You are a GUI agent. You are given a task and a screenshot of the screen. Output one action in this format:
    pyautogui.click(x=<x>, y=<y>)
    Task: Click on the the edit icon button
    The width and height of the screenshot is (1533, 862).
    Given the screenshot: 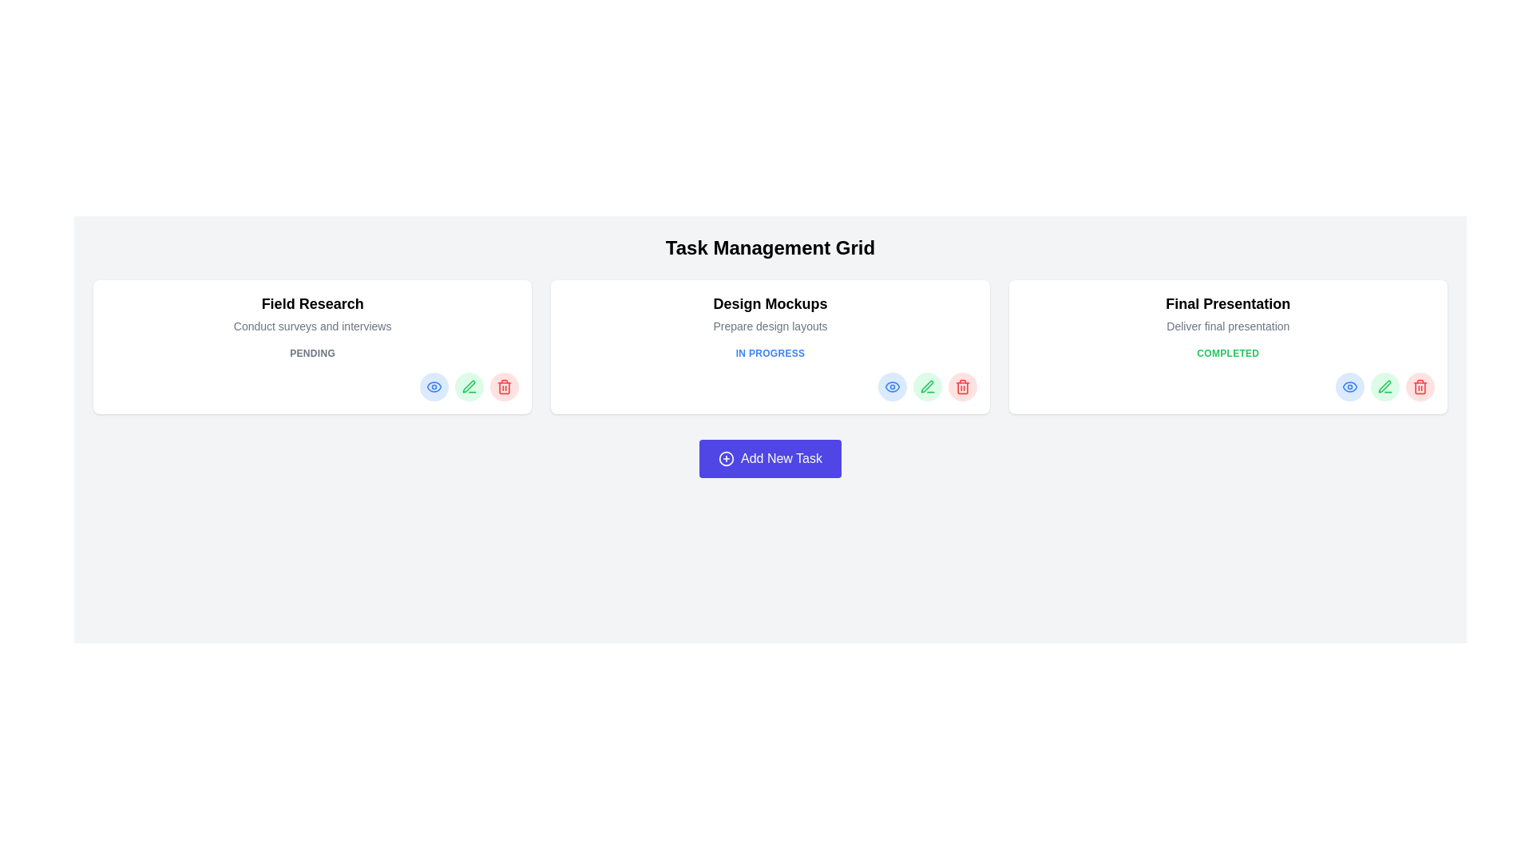 What is the action you would take?
    pyautogui.click(x=1384, y=386)
    